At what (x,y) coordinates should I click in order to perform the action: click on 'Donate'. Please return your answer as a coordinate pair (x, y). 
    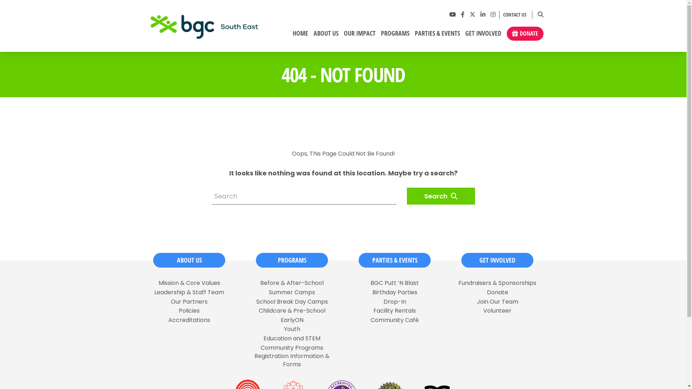
    Looking at the image, I should click on (497, 292).